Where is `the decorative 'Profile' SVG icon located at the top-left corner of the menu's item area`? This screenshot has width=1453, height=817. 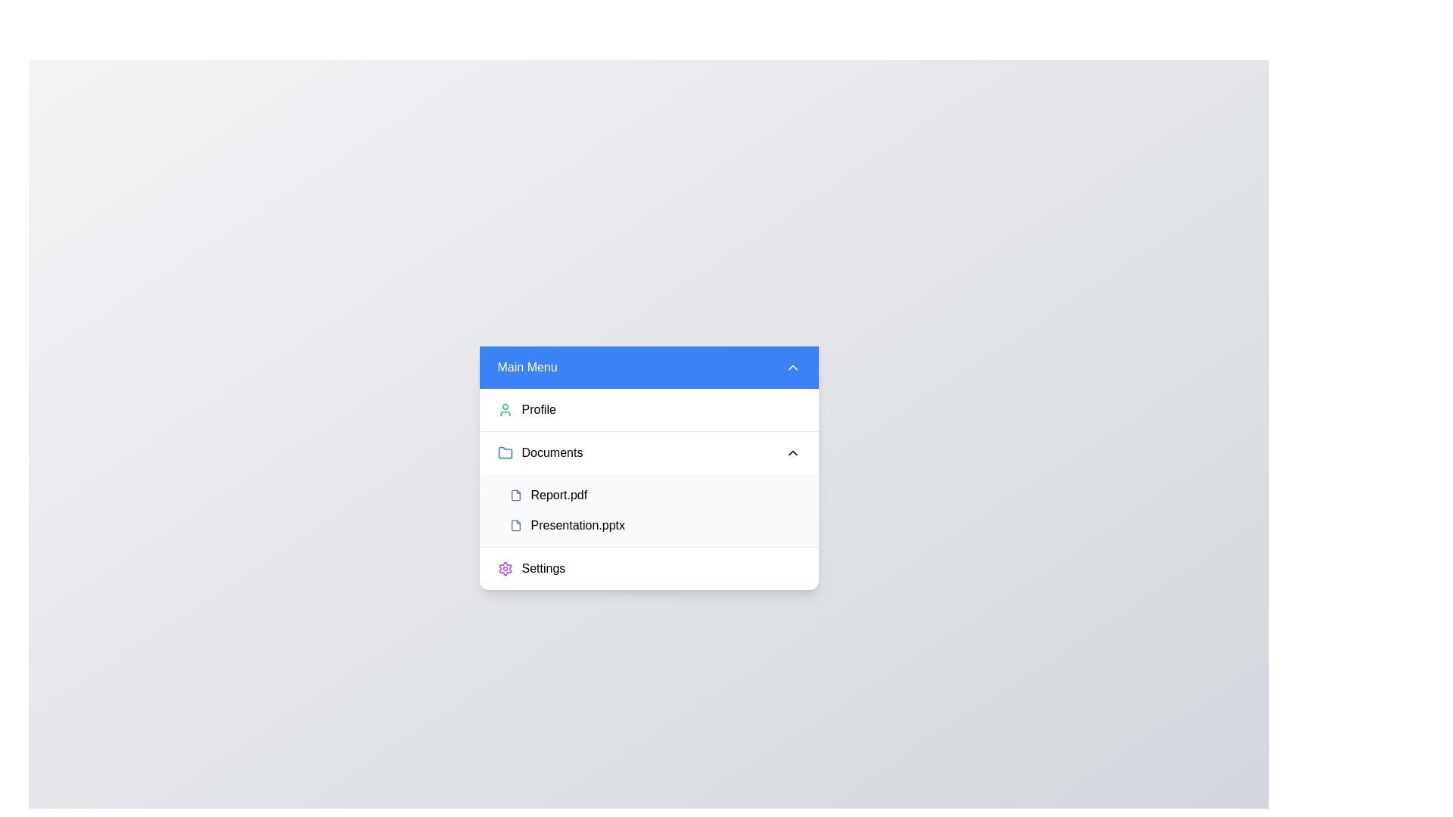 the decorative 'Profile' SVG icon located at the top-left corner of the menu's item area is located at coordinates (505, 410).